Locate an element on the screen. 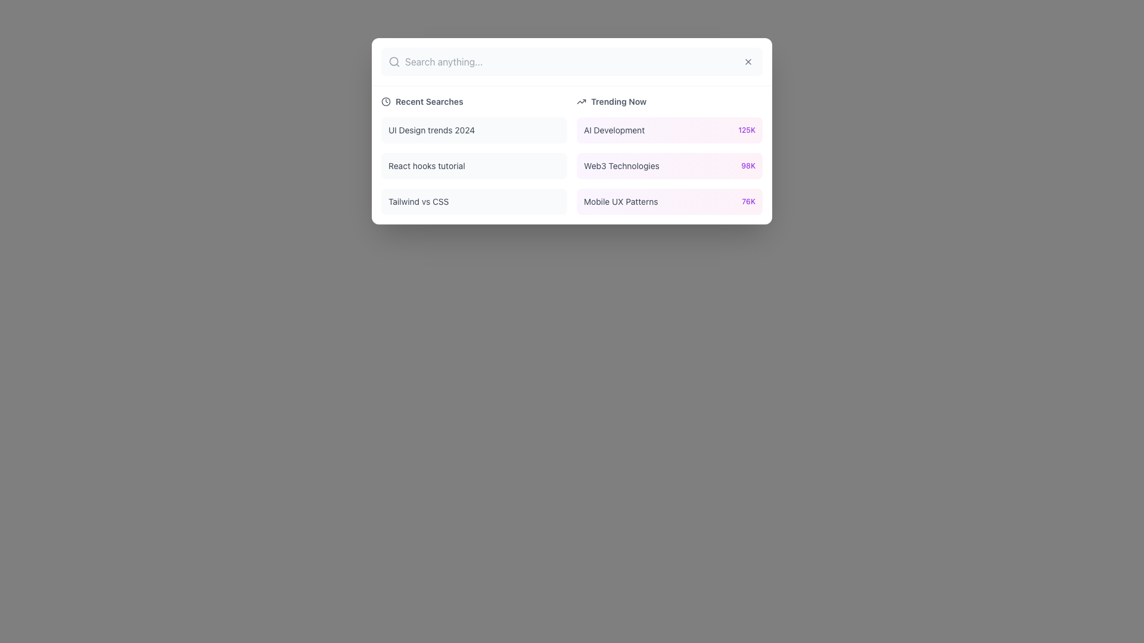 The image size is (1144, 643). the selectable list item displaying the trending topic 'AI Development' with the metric '125K' is located at coordinates (650, 119).